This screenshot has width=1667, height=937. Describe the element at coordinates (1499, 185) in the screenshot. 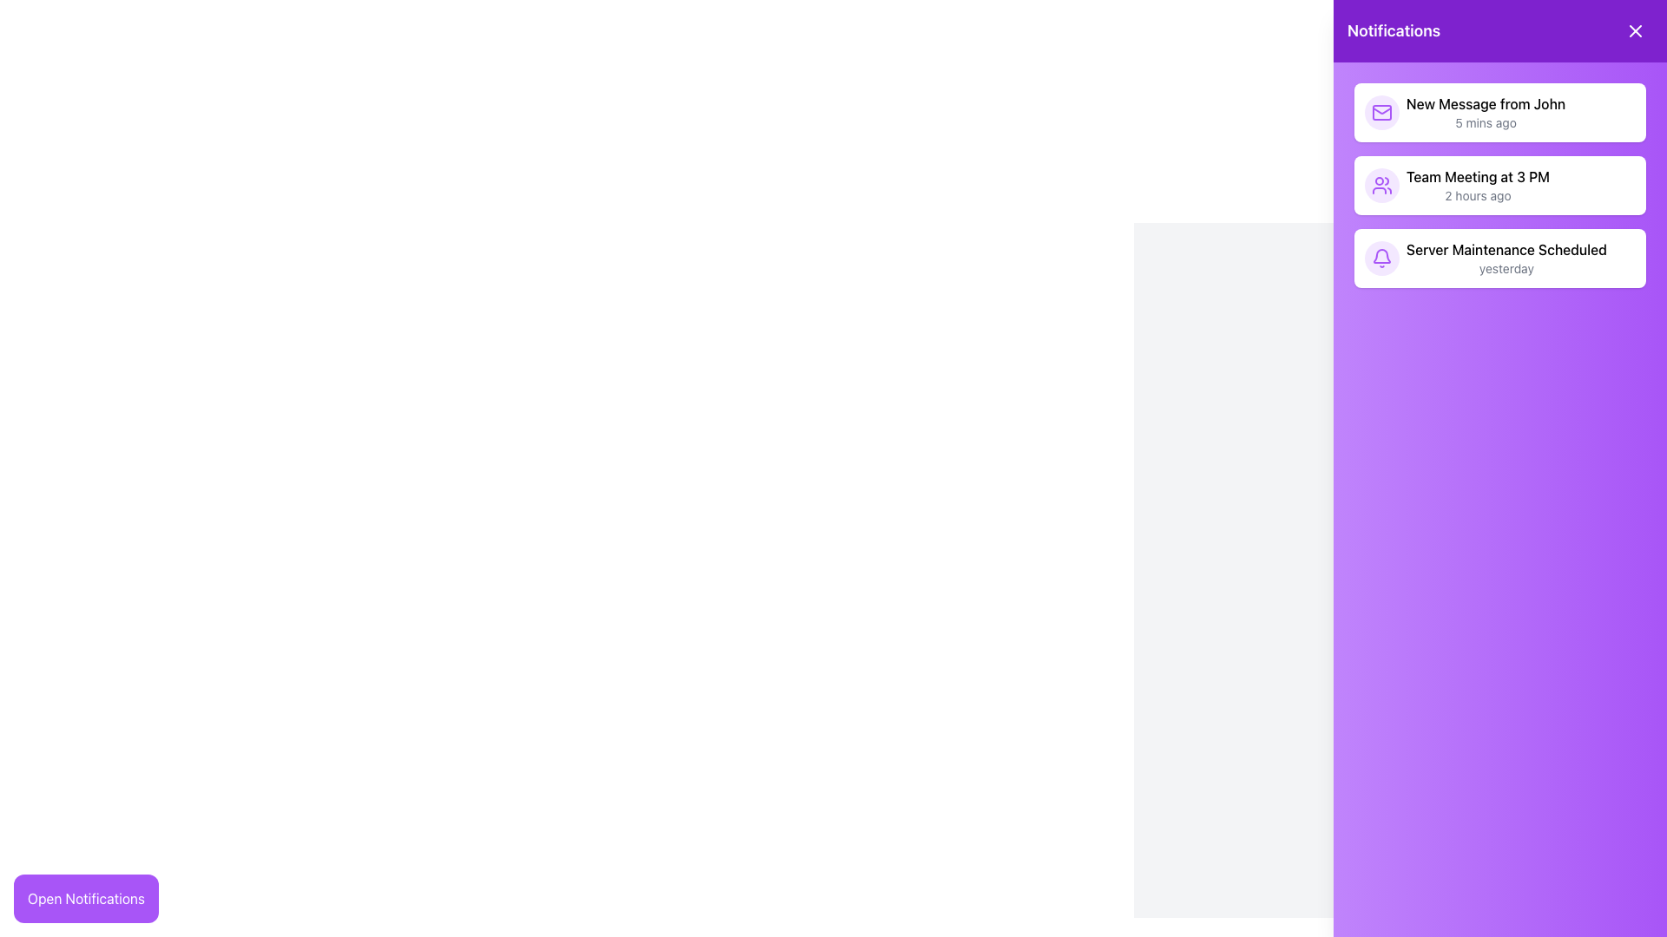

I see `the second notification entry titled 'Team Meeting at 3 PM' to interact with it` at that location.